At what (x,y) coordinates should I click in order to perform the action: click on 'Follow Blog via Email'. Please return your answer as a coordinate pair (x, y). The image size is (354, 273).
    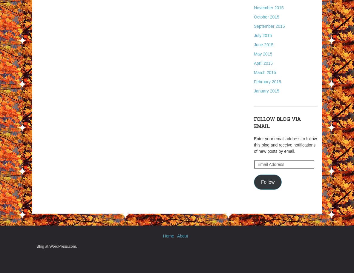
    Looking at the image, I should click on (254, 123).